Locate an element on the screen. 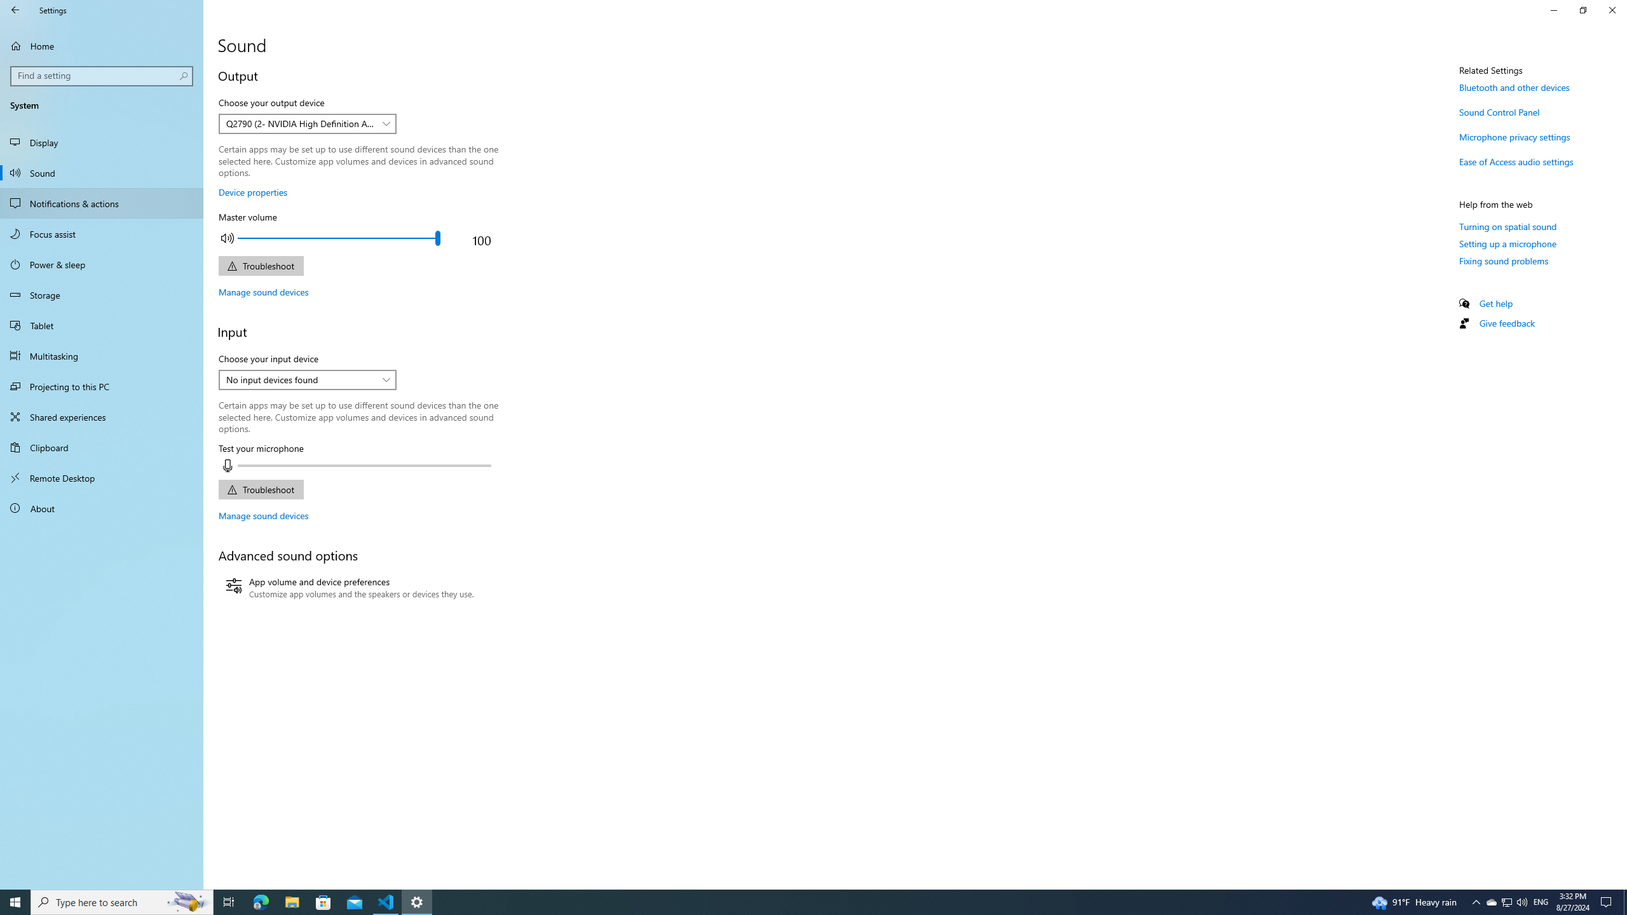  'Task View' is located at coordinates (228, 901).